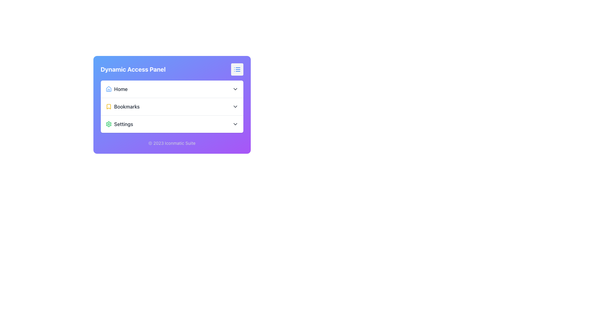 This screenshot has height=332, width=590. What do you see at coordinates (122, 106) in the screenshot?
I see `the Navigation Label for Bookmarks` at bounding box center [122, 106].